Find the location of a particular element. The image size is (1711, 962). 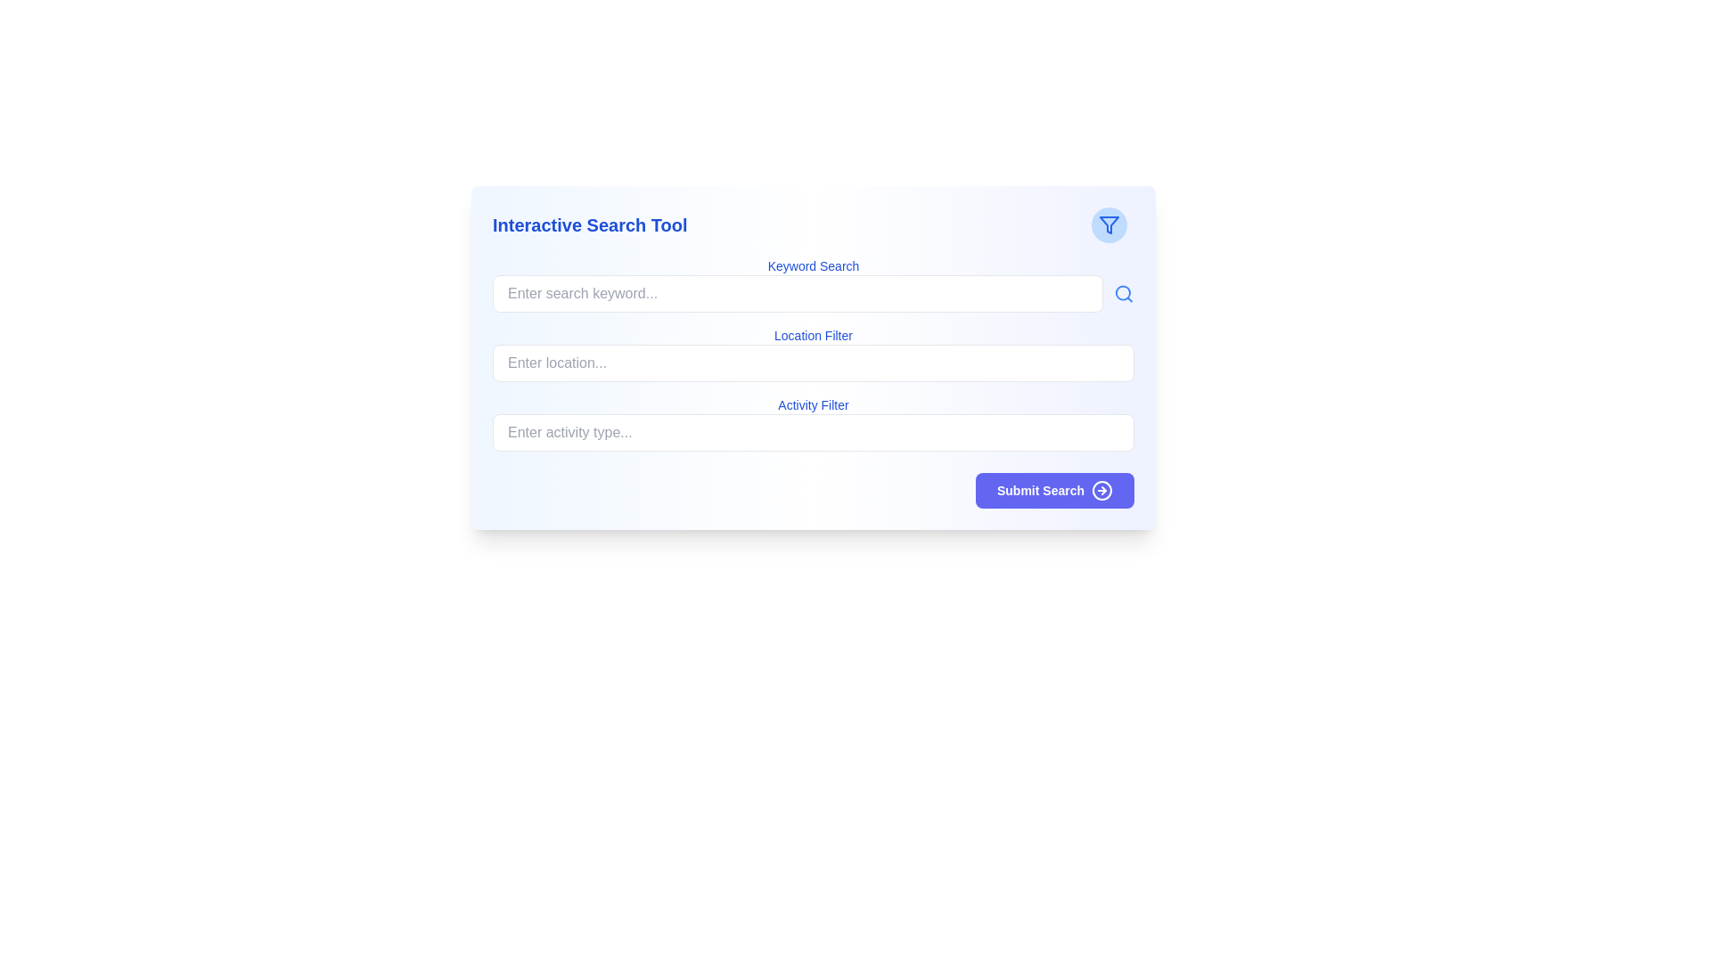

the text label displaying 'Location Filter' in blue font, which is positioned above the input field in the middle section of the interface is located at coordinates (812, 336).